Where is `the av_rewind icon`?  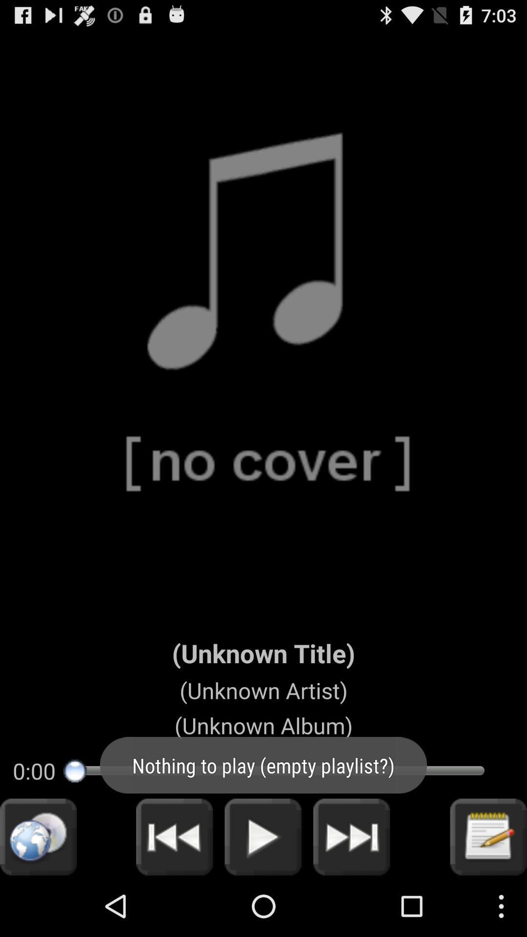 the av_rewind icon is located at coordinates (174, 896).